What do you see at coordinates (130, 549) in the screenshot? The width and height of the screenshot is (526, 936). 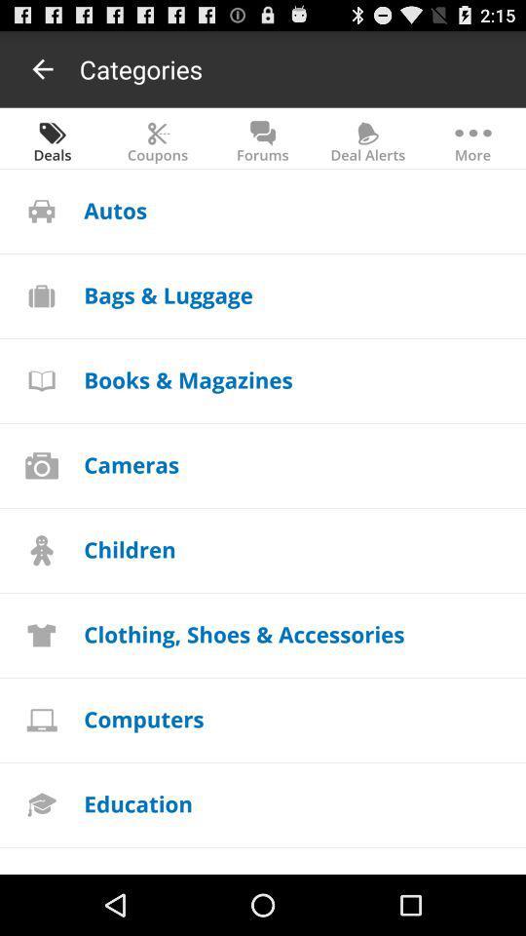 I see `the icon above clothing, shoes & accessories` at bounding box center [130, 549].